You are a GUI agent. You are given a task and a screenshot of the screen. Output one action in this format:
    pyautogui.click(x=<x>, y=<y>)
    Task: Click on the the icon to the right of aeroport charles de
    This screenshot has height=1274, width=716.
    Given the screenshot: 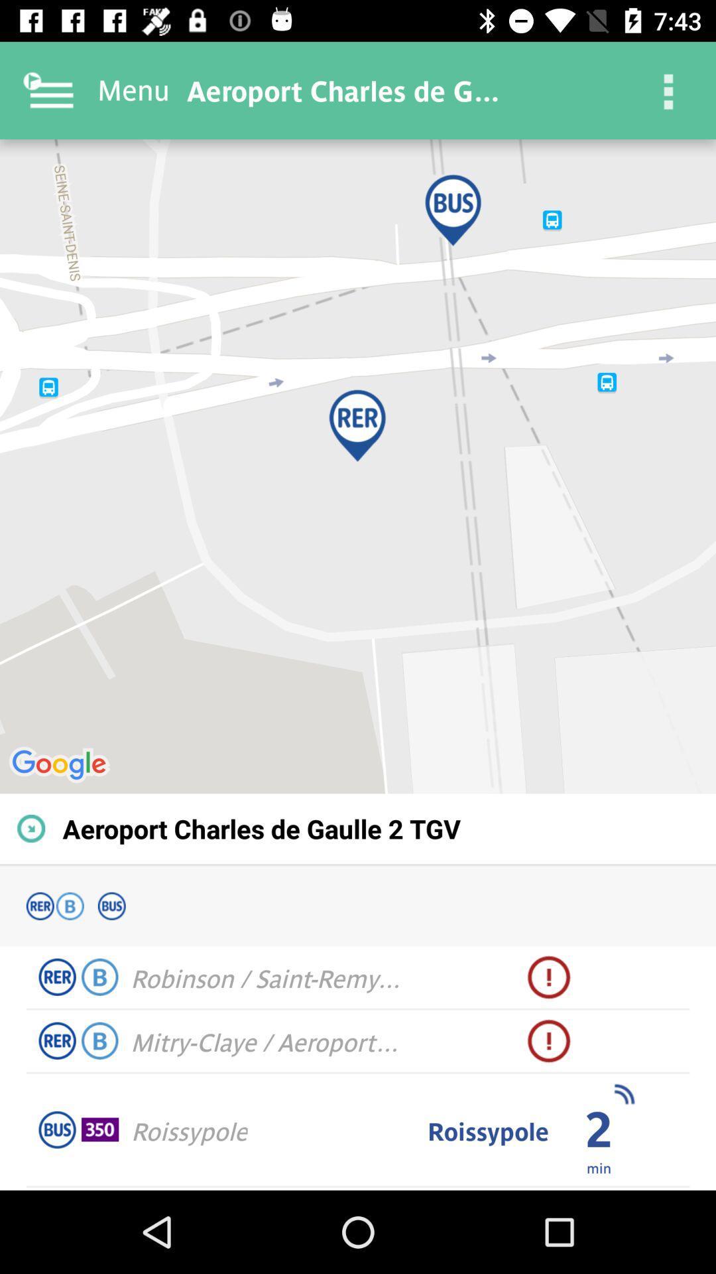 What is the action you would take?
    pyautogui.click(x=667, y=90)
    